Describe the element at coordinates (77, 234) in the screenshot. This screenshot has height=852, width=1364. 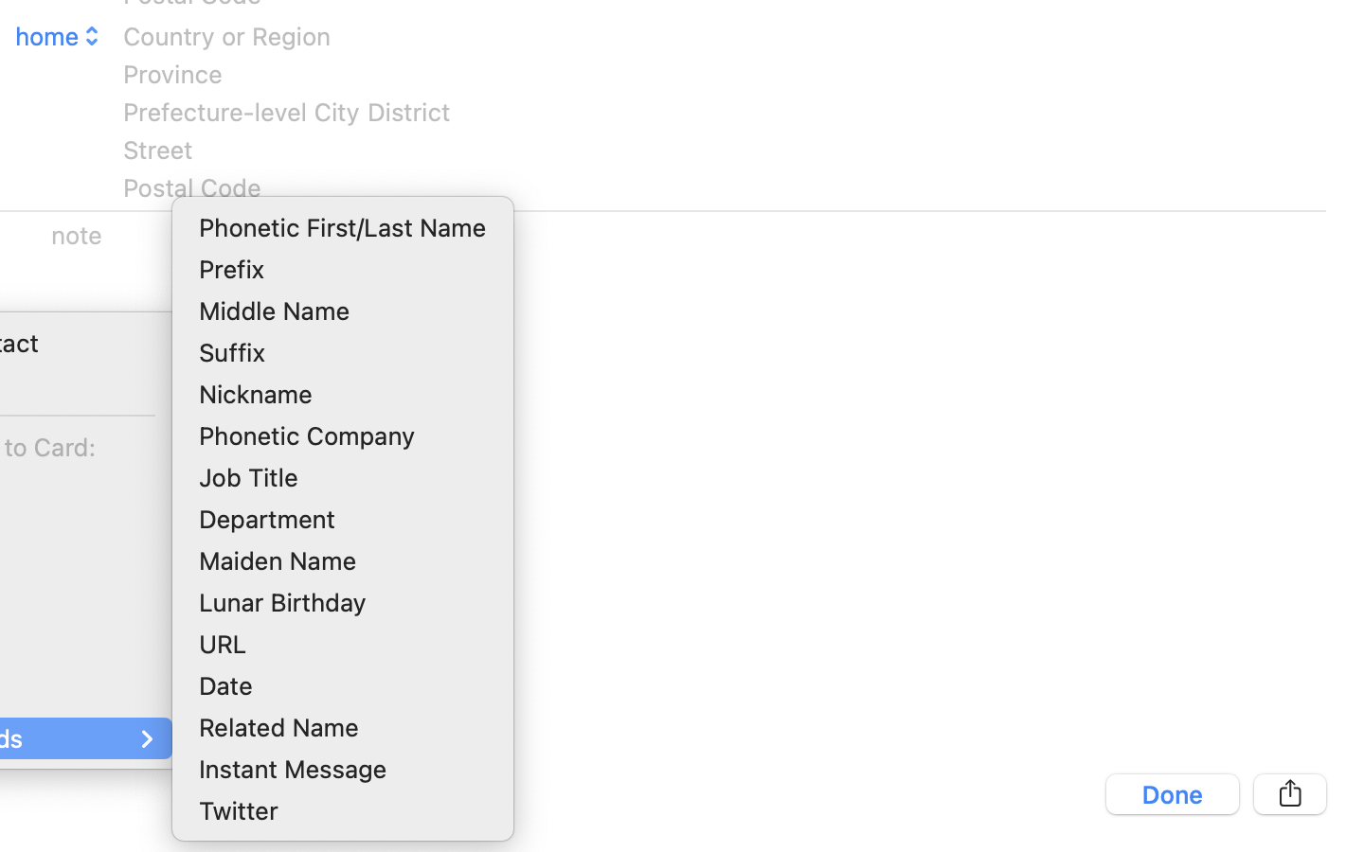
I see `'note'` at that location.